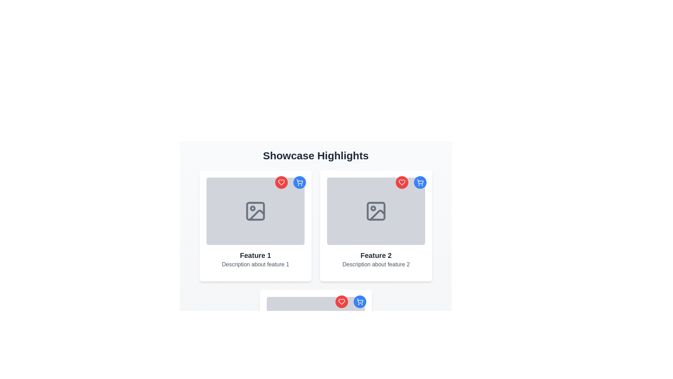  Describe the element at coordinates (255, 211) in the screenshot. I see `the SVG rectangle component that represents an image placeholder, located in the left card of the top row of the grid, above the 'Feature 1' label` at that location.